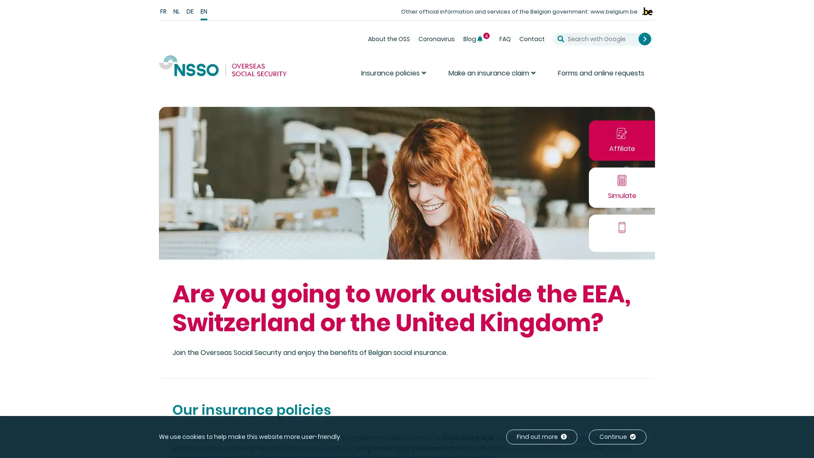 The width and height of the screenshot is (814, 458). I want to click on As an employer, so click(760, 146).